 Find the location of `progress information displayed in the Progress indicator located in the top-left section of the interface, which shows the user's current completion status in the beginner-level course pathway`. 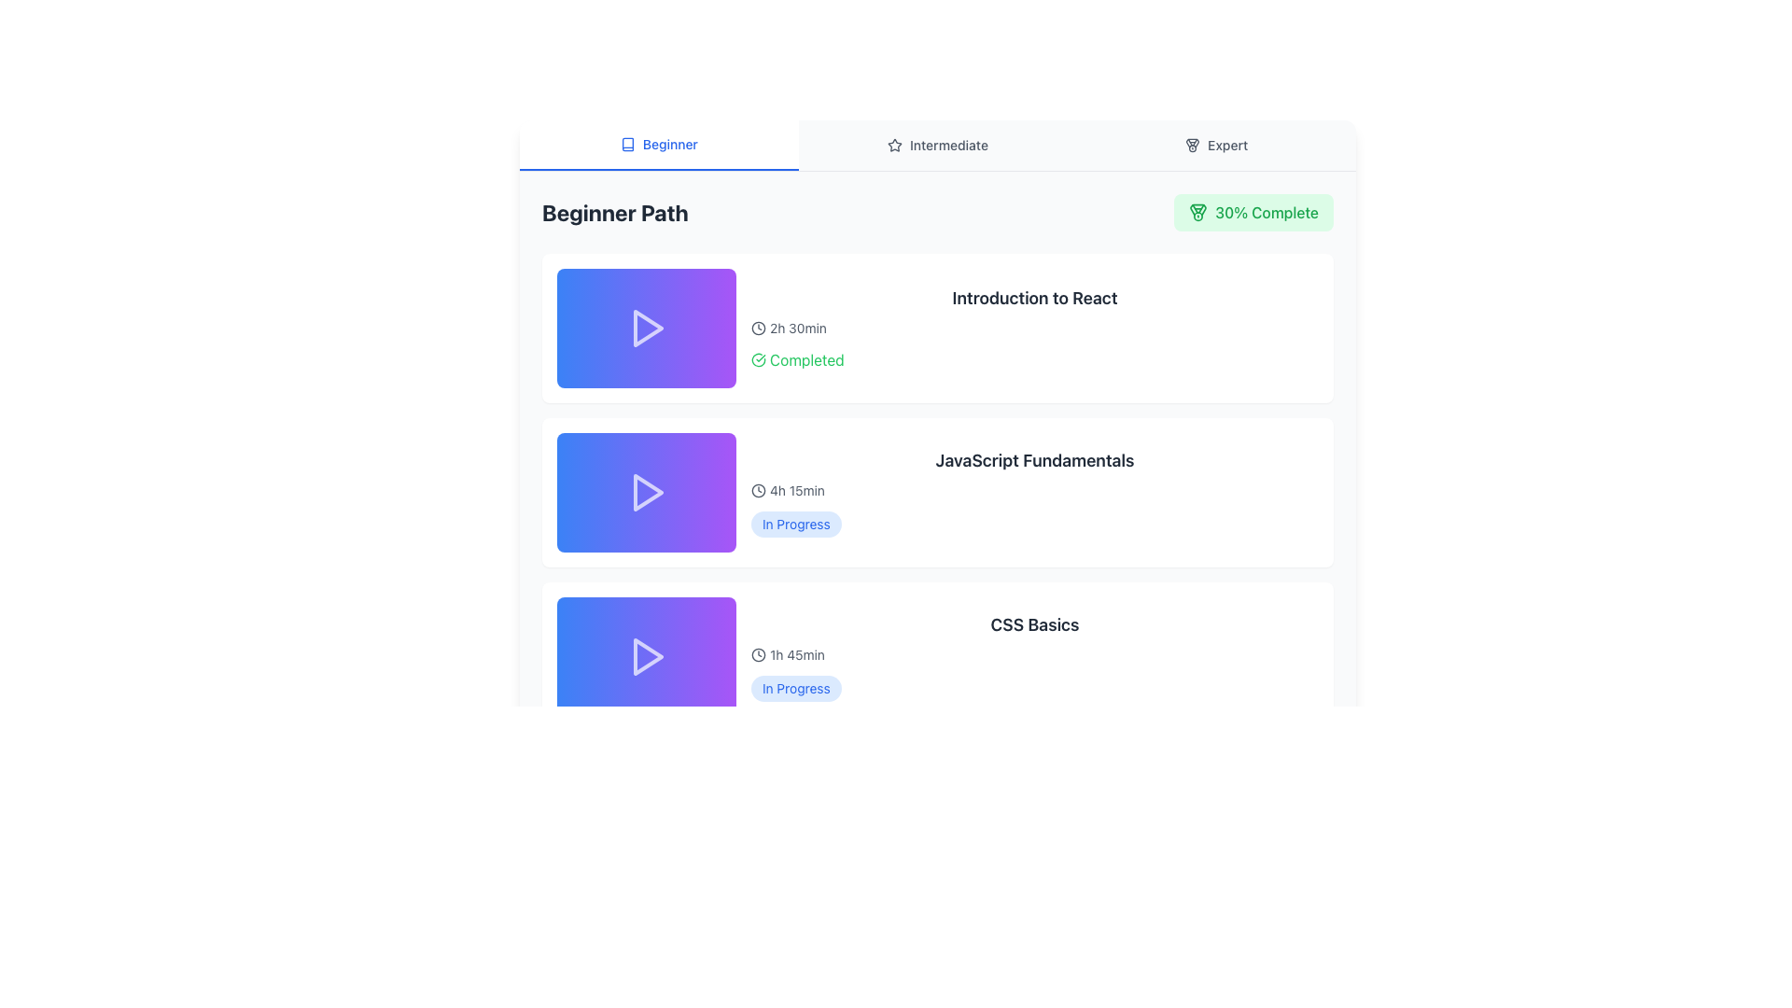

progress information displayed in the Progress indicator located in the top-left section of the interface, which shows the user's current completion status in the beginner-level course pathway is located at coordinates (937, 211).